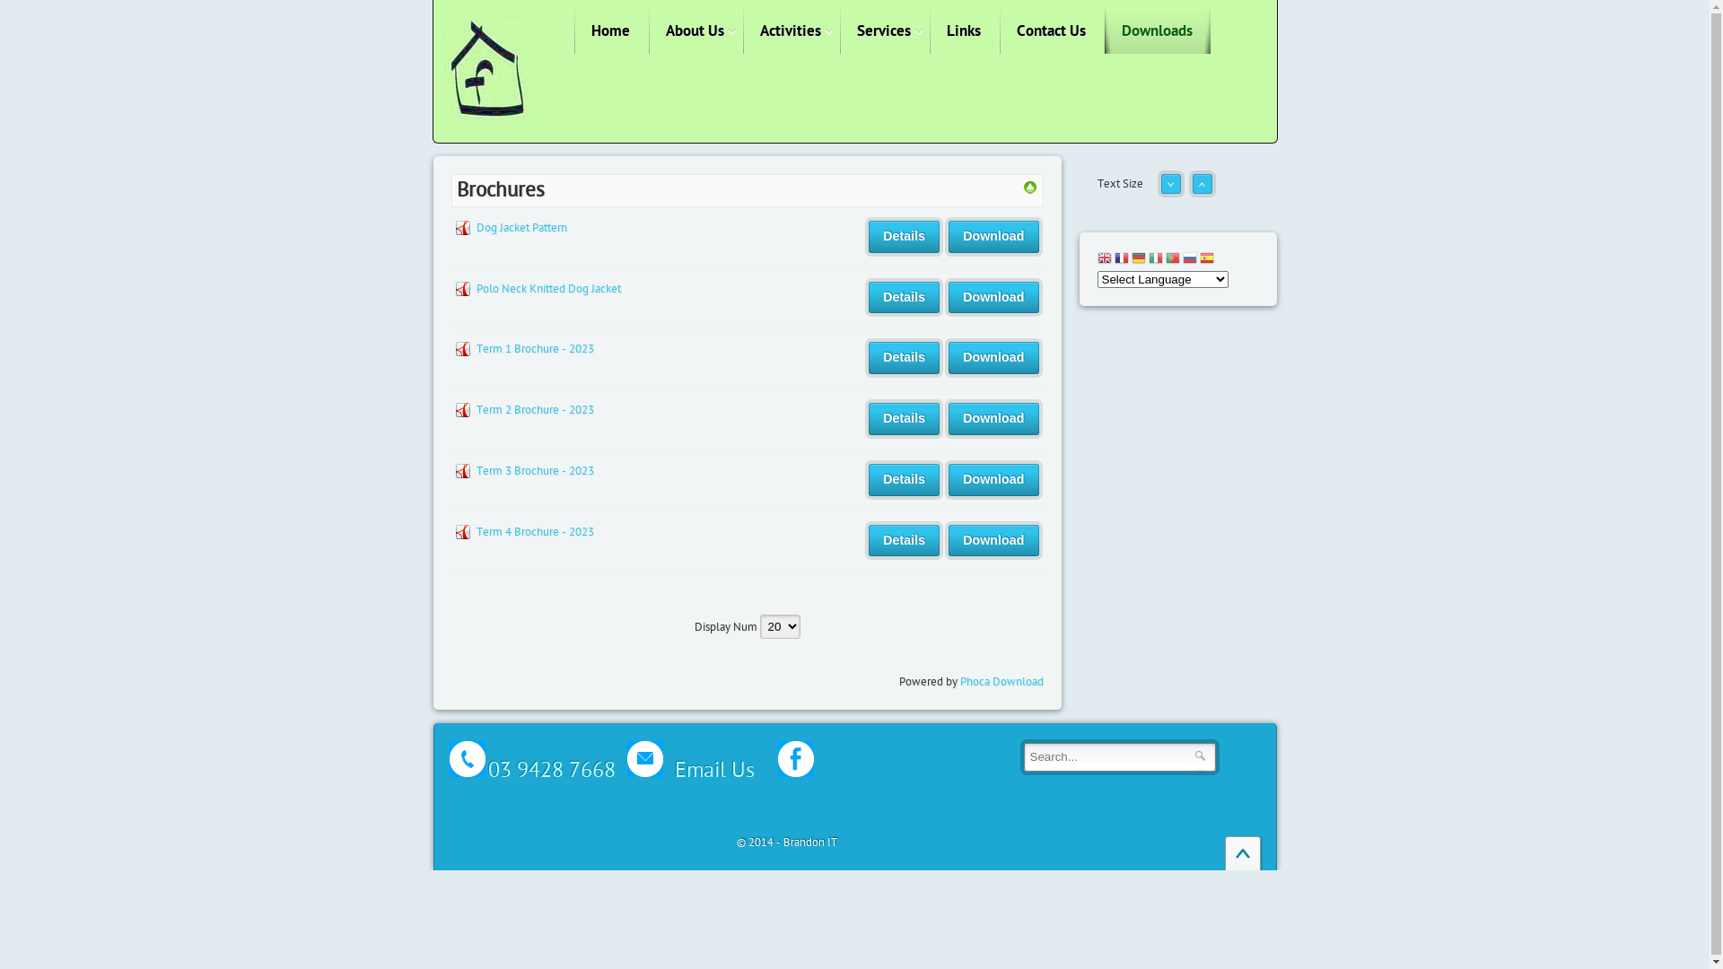 The height and width of the screenshot is (969, 1723). Describe the element at coordinates (838, 31) in the screenshot. I see `'Services'` at that location.